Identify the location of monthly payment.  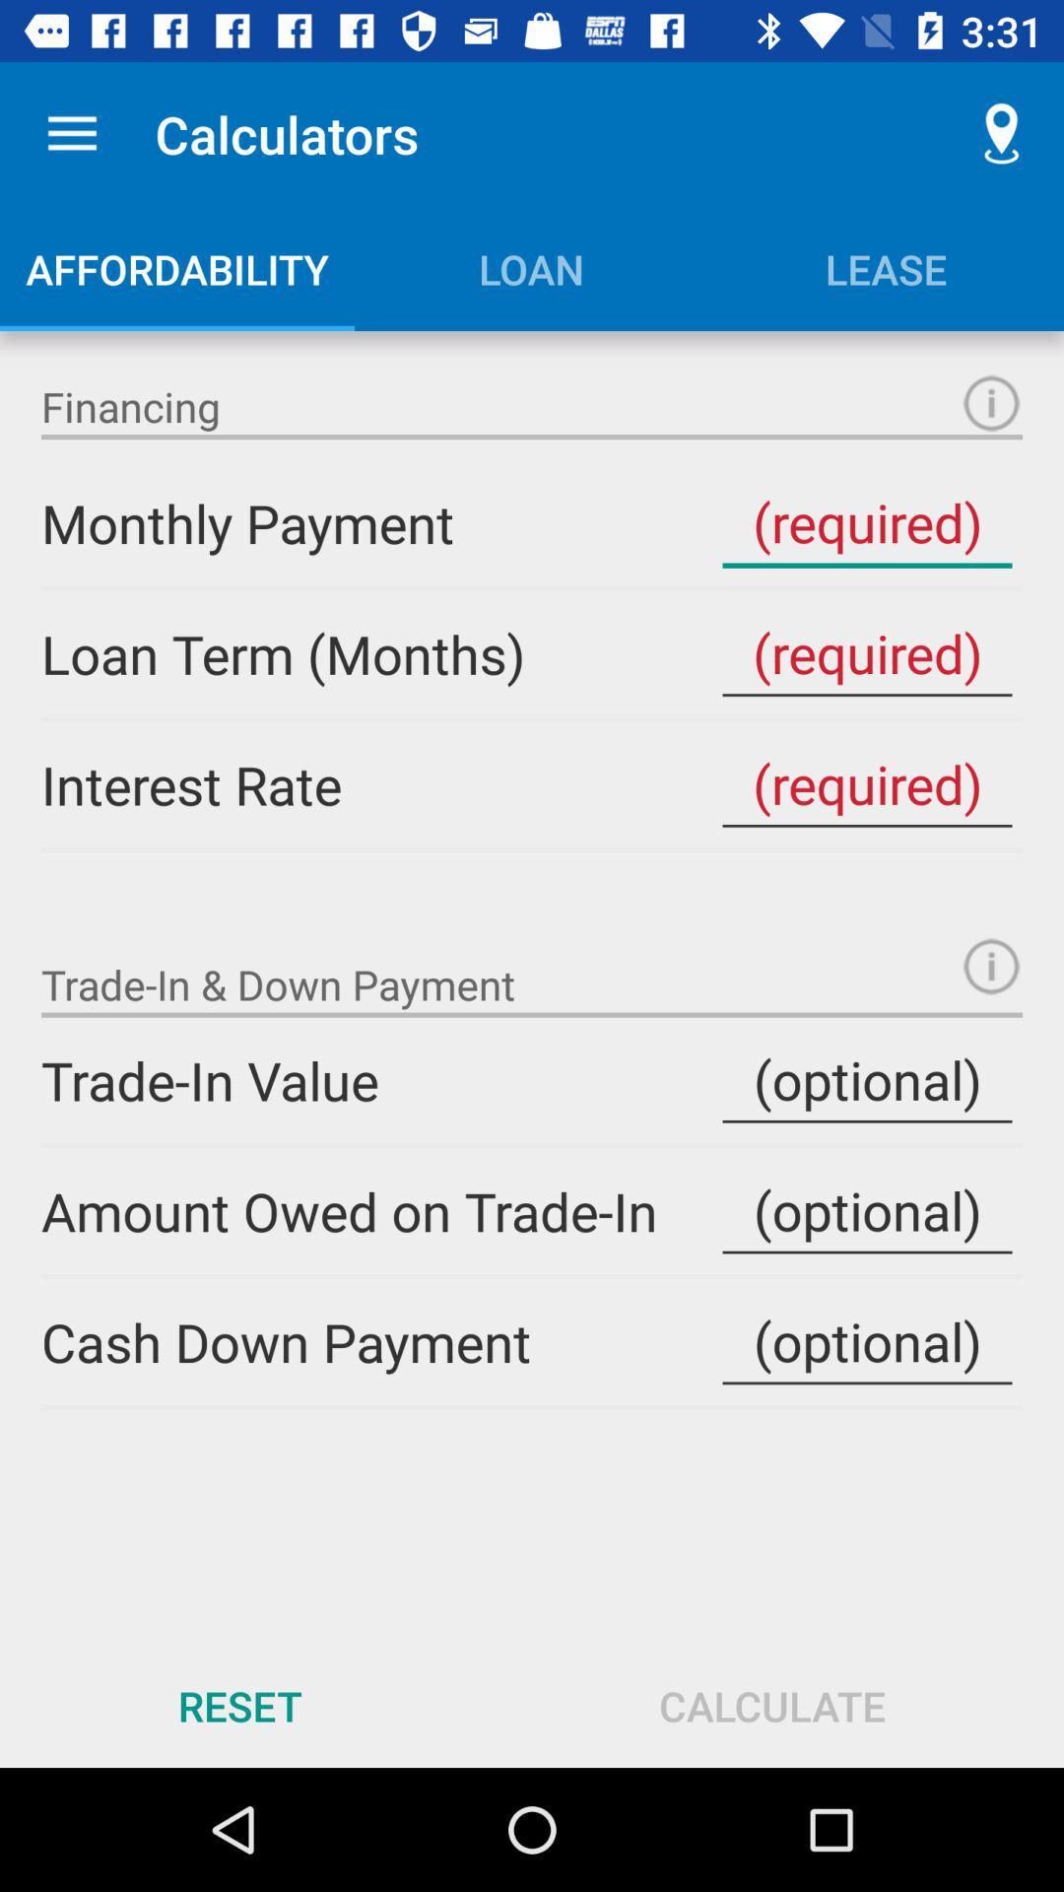
(866, 523).